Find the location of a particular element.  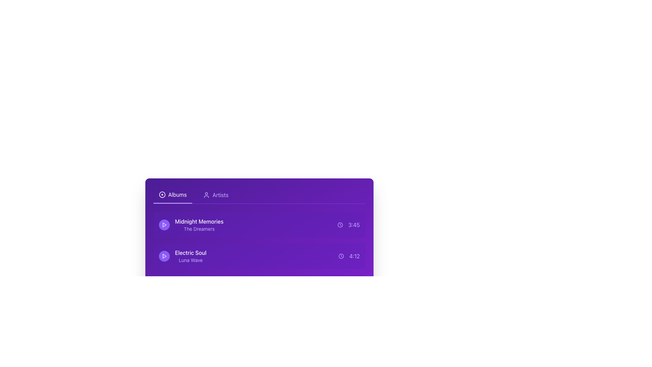

the 'Albums' text label, which is displayed in bold white typeface on a purple background is located at coordinates (177, 195).